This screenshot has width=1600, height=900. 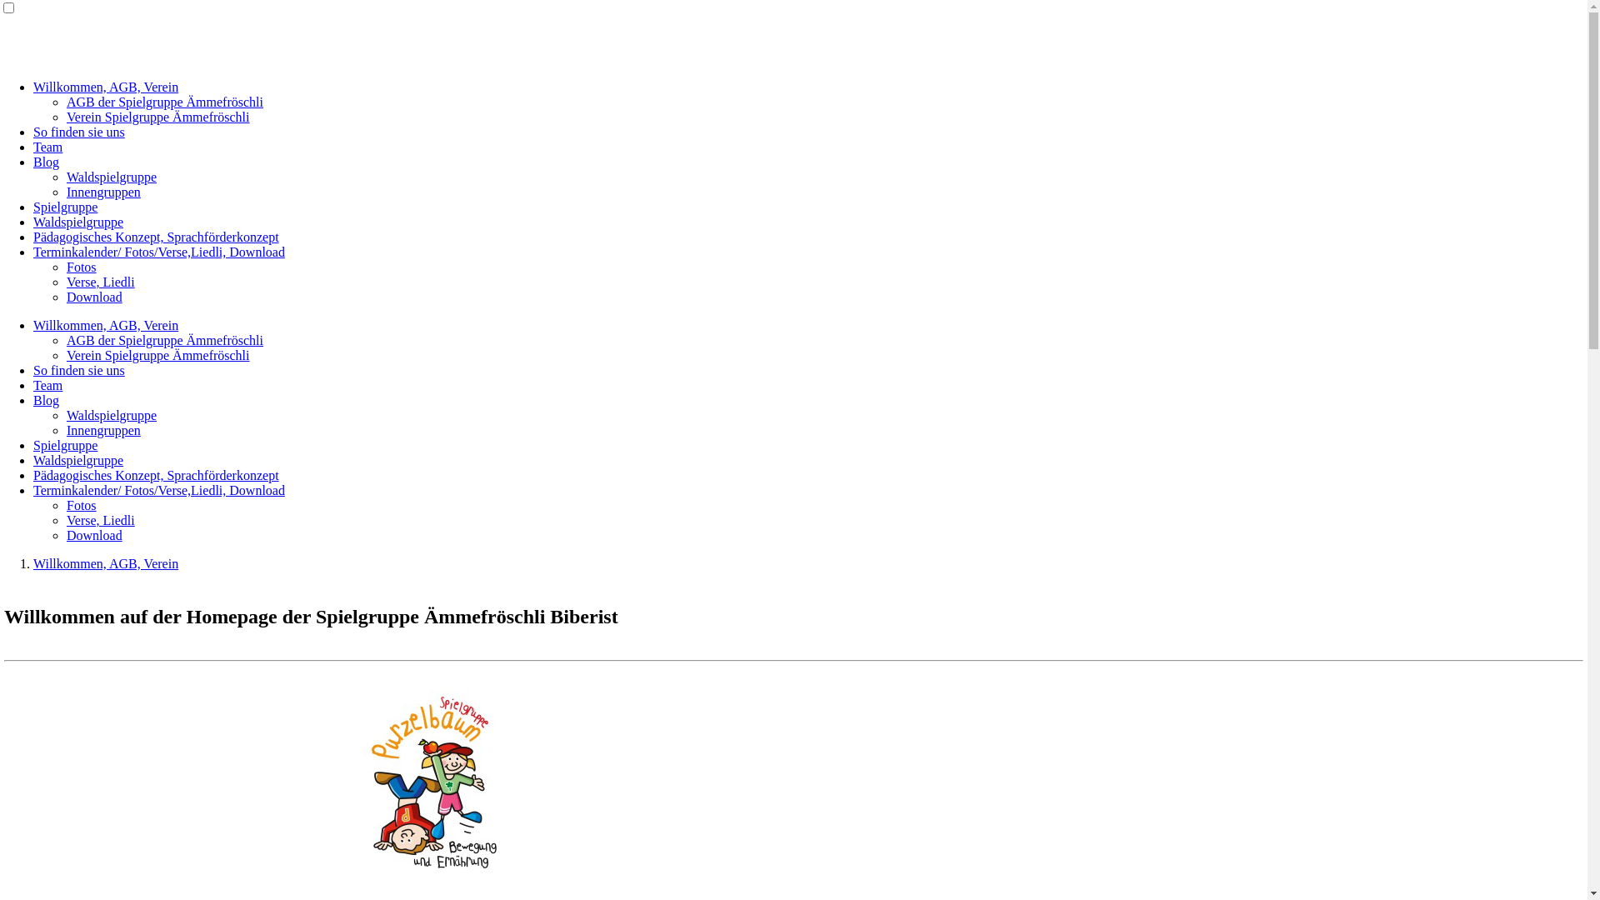 What do you see at coordinates (93, 296) in the screenshot?
I see `'Download'` at bounding box center [93, 296].